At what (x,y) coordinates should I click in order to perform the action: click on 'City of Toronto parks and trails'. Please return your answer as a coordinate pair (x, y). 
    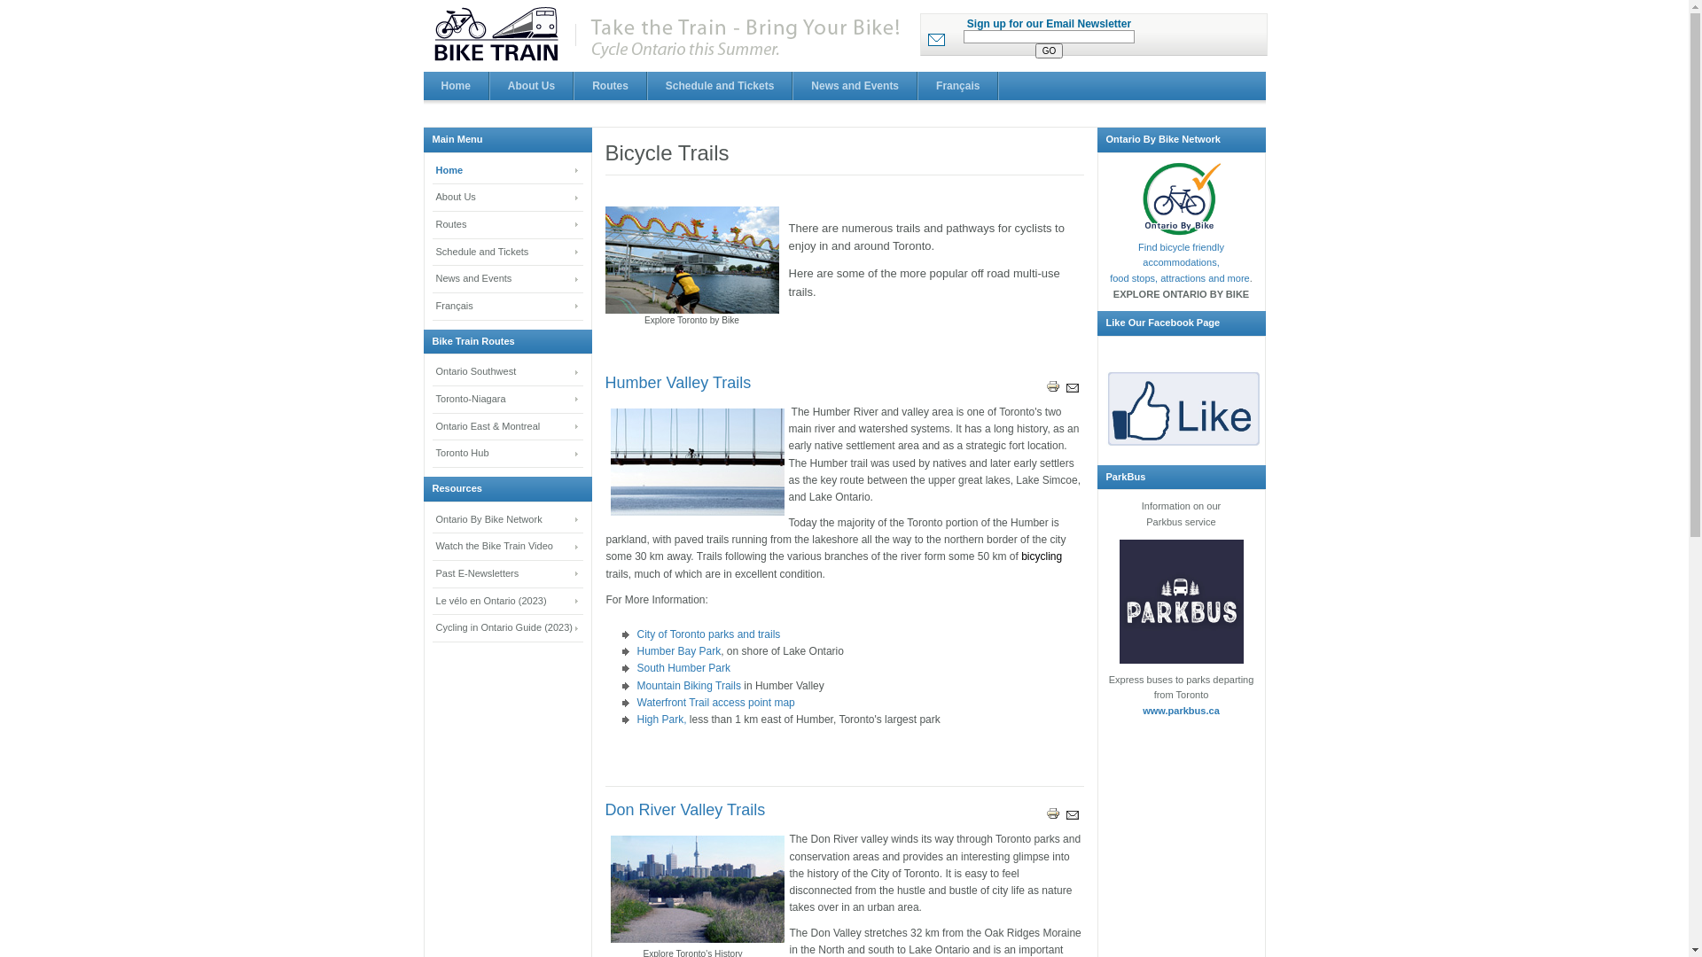
    Looking at the image, I should click on (707, 634).